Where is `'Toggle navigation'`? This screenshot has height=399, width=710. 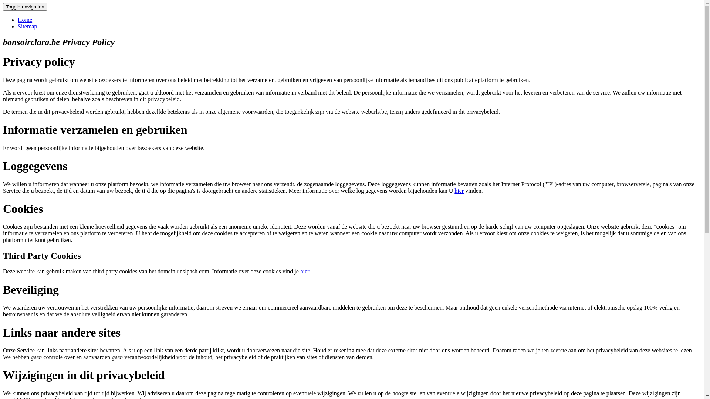 'Toggle navigation' is located at coordinates (25, 7).